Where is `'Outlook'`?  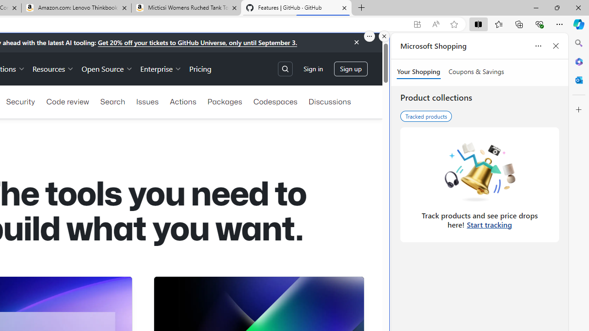
'Outlook' is located at coordinates (578, 80).